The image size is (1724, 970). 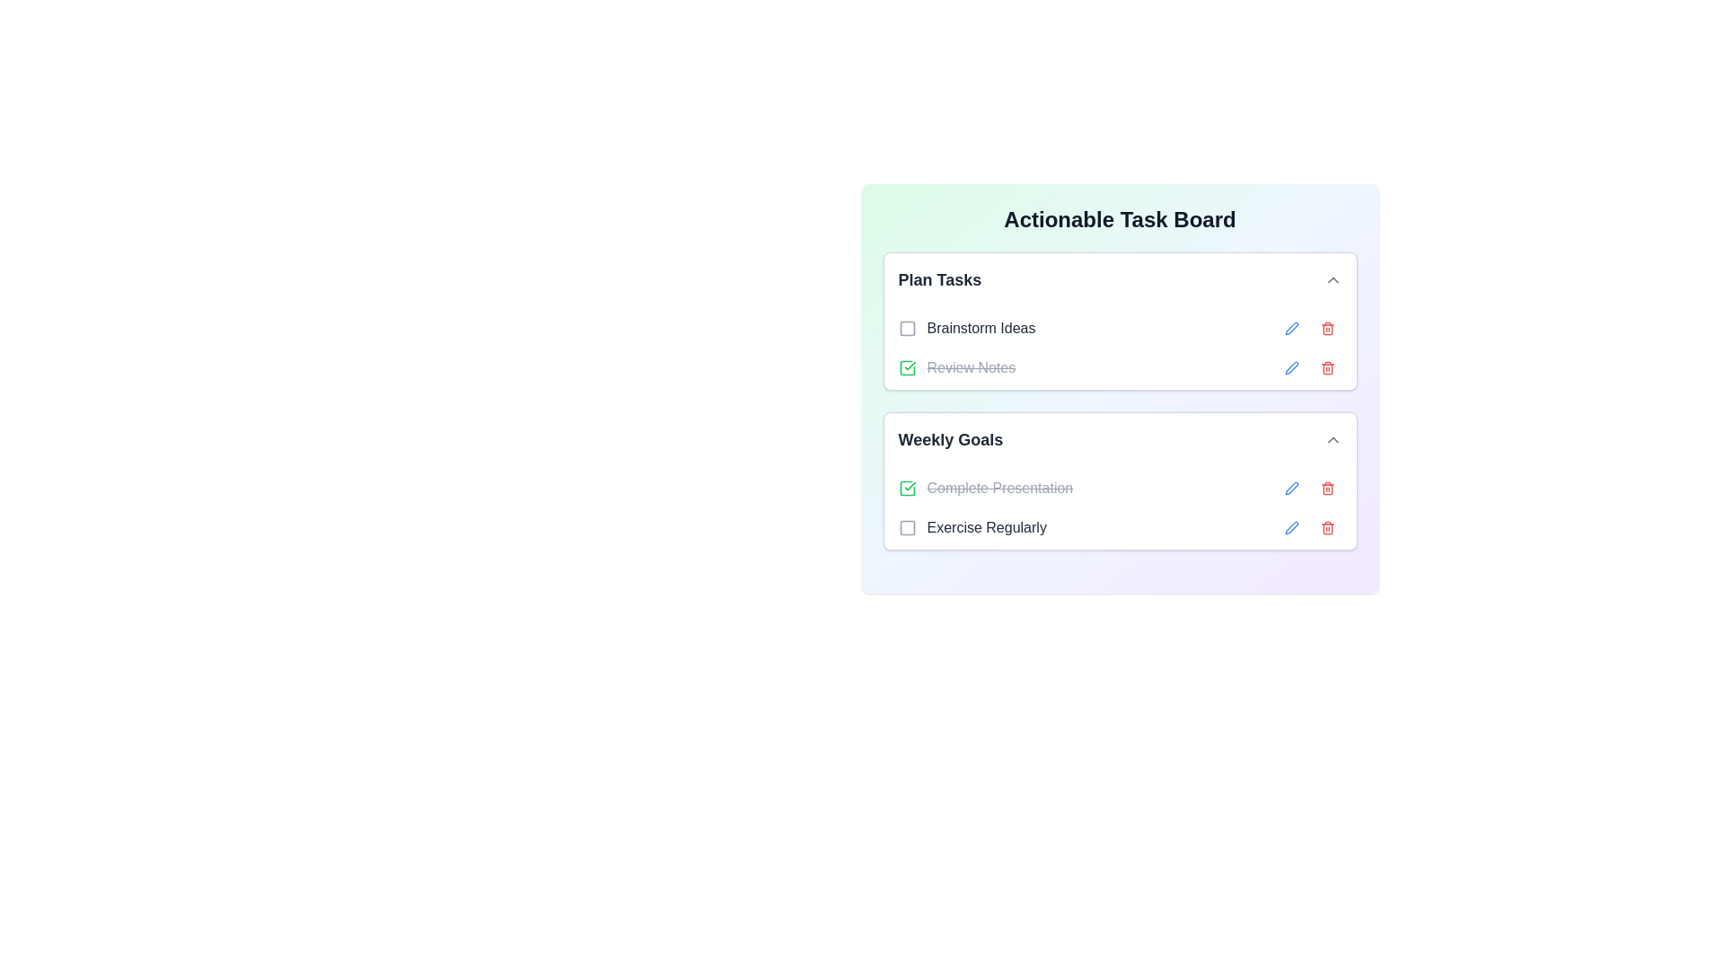 I want to click on the circular button with a blue pen icon located in the 'Weekly Goals' section, so click(x=1290, y=488).